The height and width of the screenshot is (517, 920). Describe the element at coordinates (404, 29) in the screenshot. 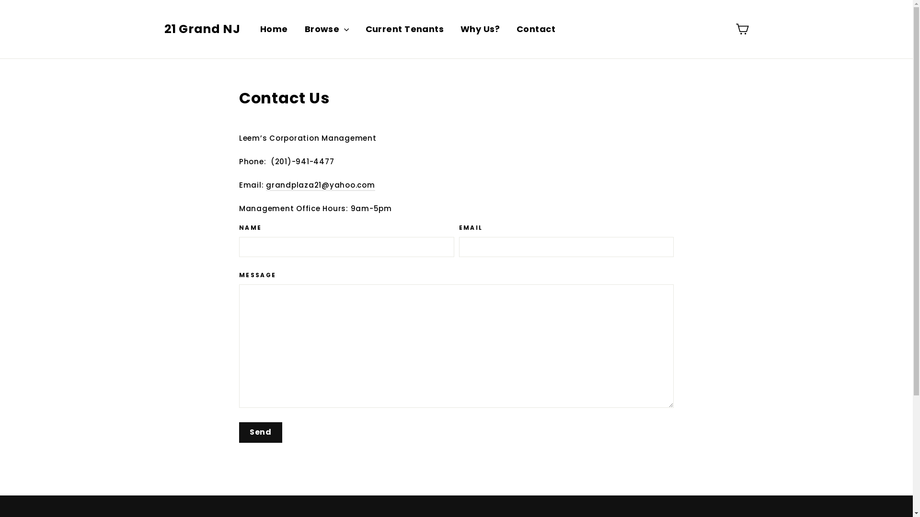

I see `'Current Tenants'` at that location.